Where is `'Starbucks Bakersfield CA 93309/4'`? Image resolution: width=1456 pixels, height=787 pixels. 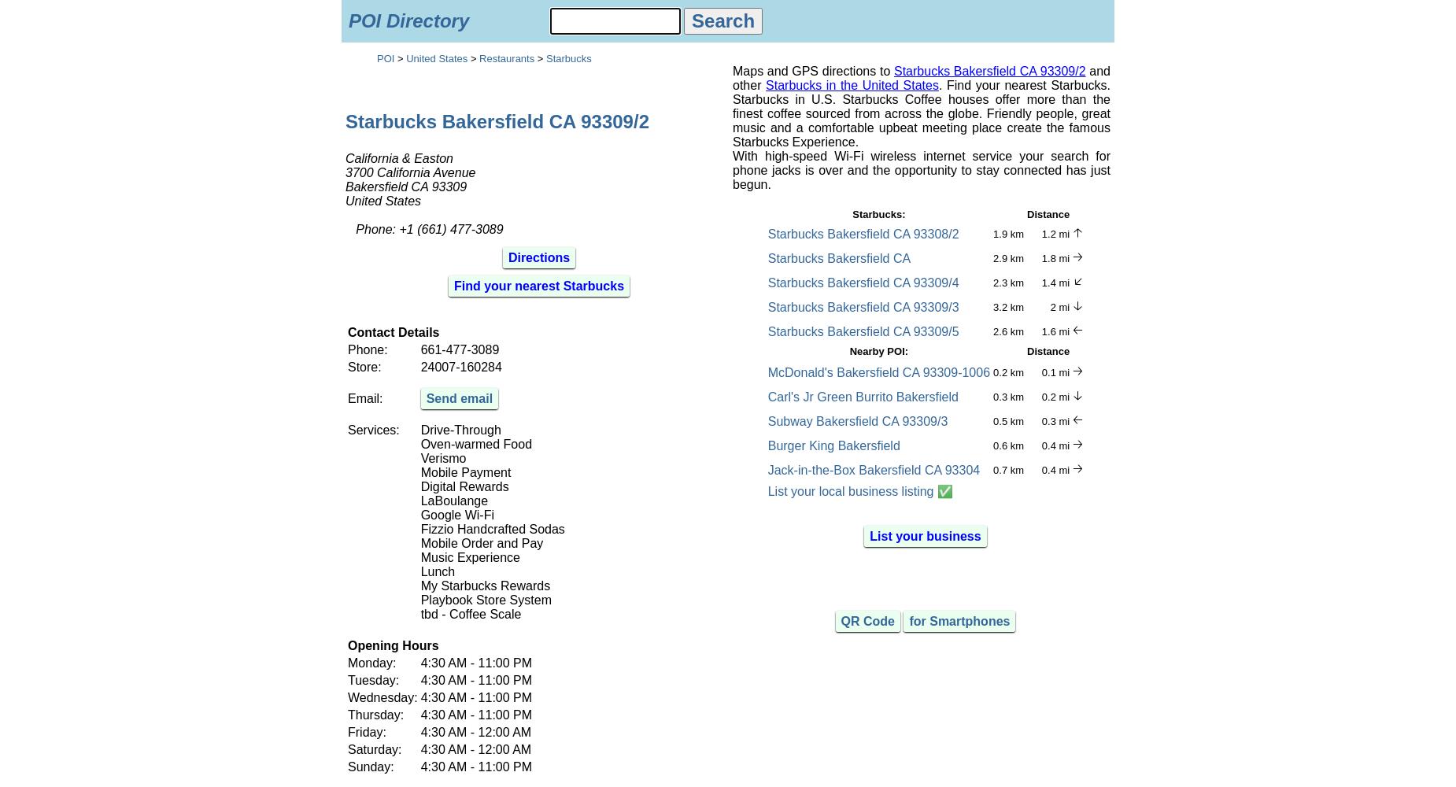 'Starbucks Bakersfield CA 93309/4' is located at coordinates (766, 281).